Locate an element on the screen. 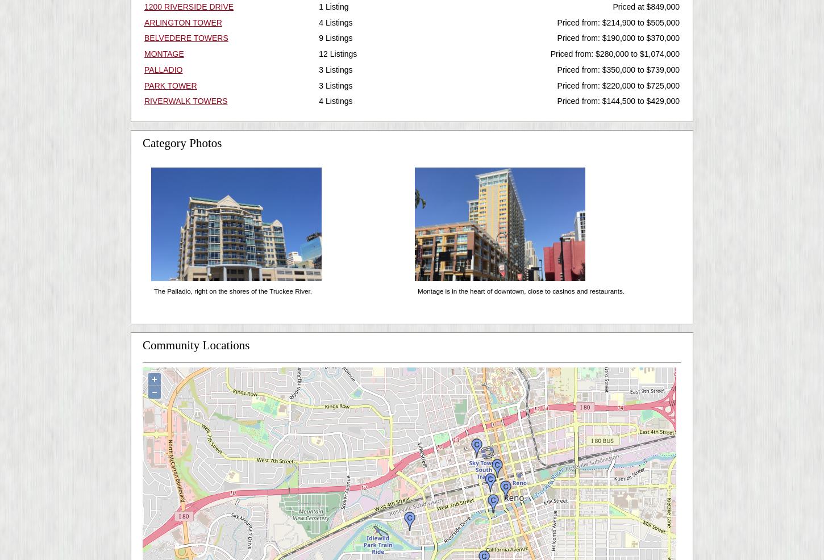  'MONTAGE' is located at coordinates (164, 53).